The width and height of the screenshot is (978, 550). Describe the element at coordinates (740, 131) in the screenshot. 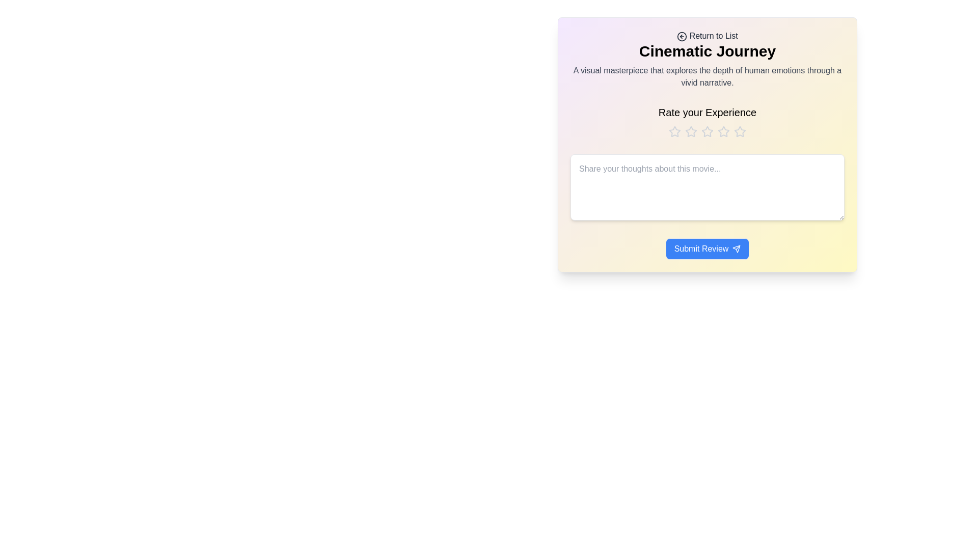

I see `the fifth interactive rating star icon, which is gray and slightly enlarges on hover, to rate the experience` at that location.